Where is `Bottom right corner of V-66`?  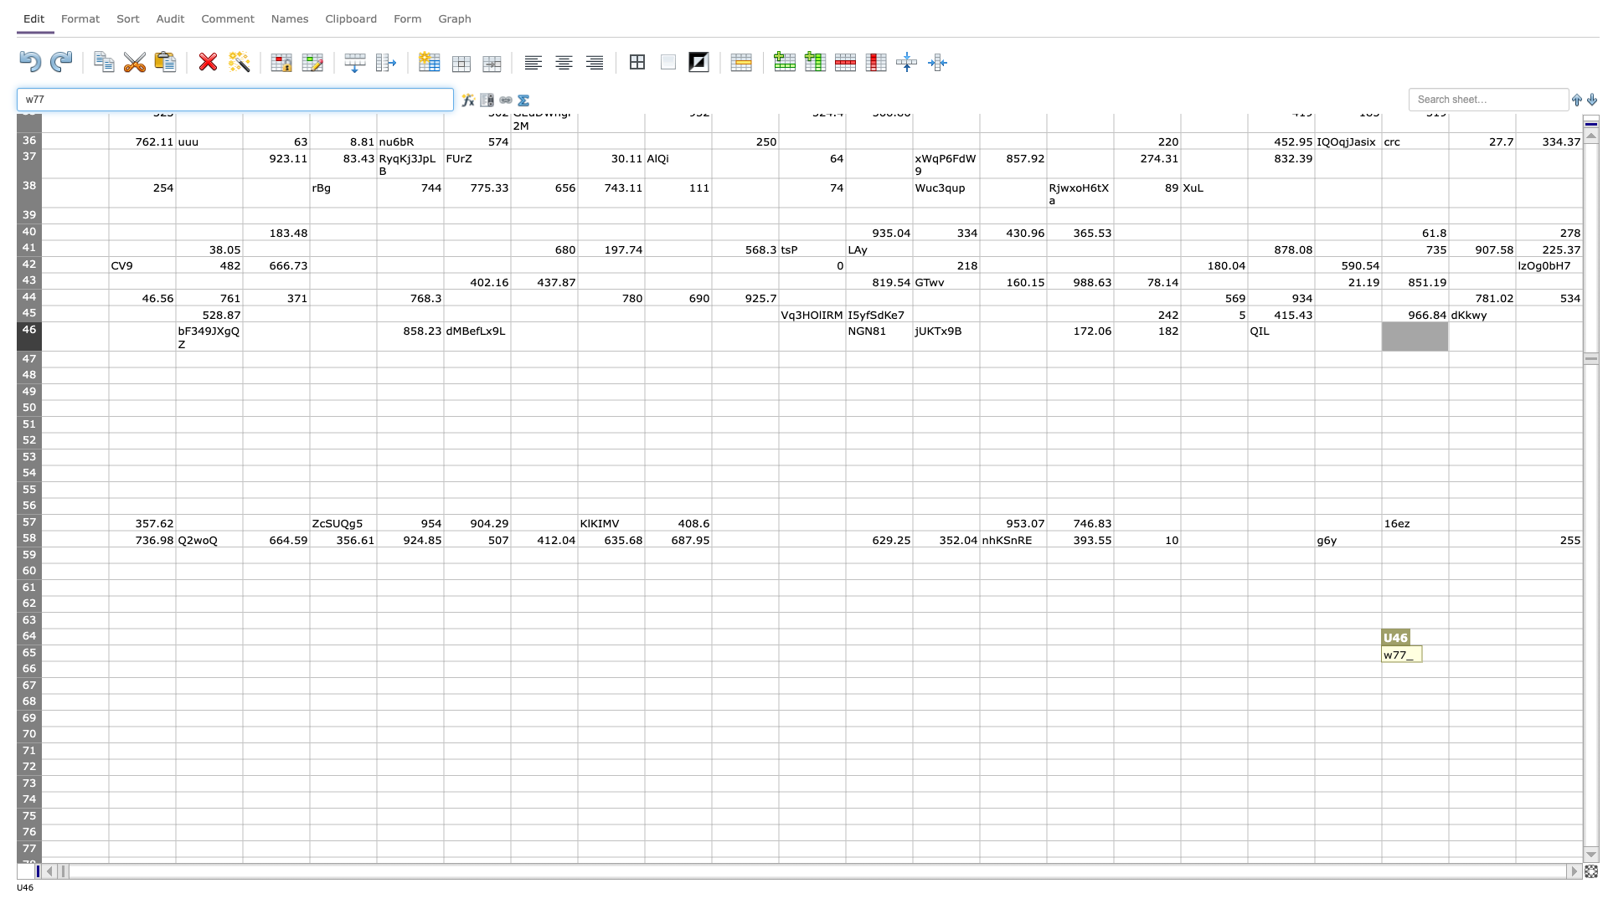
Bottom right corner of V-66 is located at coordinates (1515, 676).